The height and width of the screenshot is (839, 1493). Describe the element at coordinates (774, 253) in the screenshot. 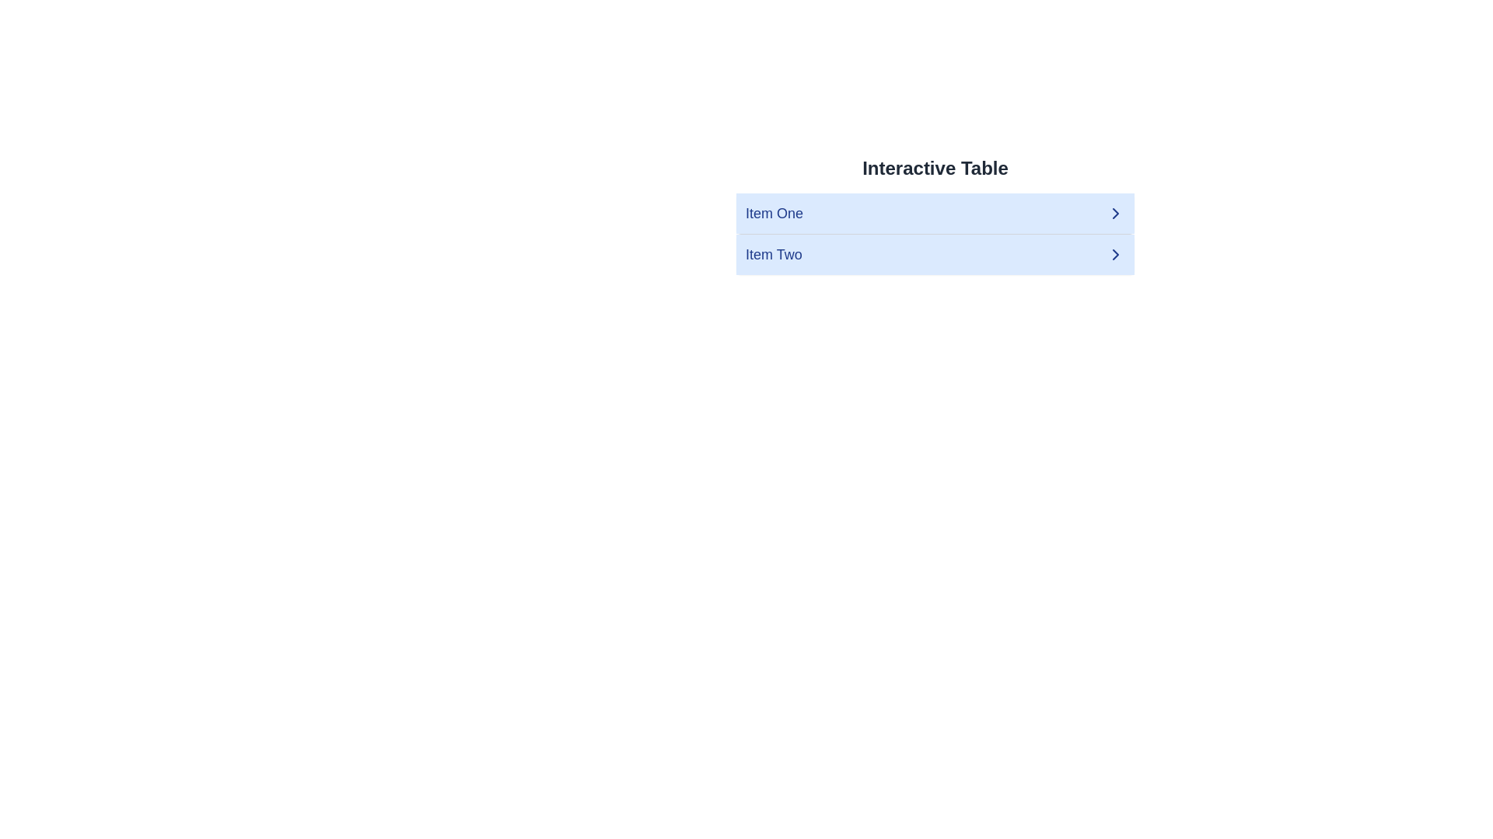

I see `the list item labeled 'Item Two'` at that location.